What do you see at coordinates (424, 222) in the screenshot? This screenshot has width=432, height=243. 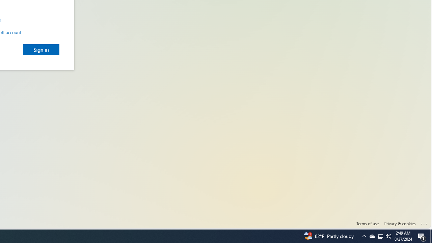 I see `'Click here for troubleshooting information'` at bounding box center [424, 222].